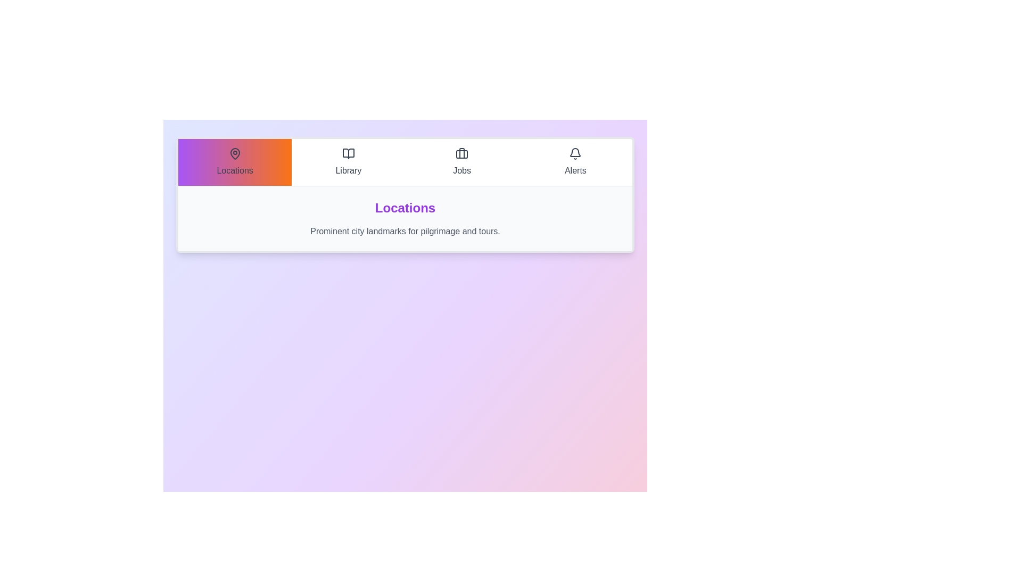 The height and width of the screenshot is (575, 1022). Describe the element at coordinates (234, 162) in the screenshot. I see `the Locations tab` at that location.